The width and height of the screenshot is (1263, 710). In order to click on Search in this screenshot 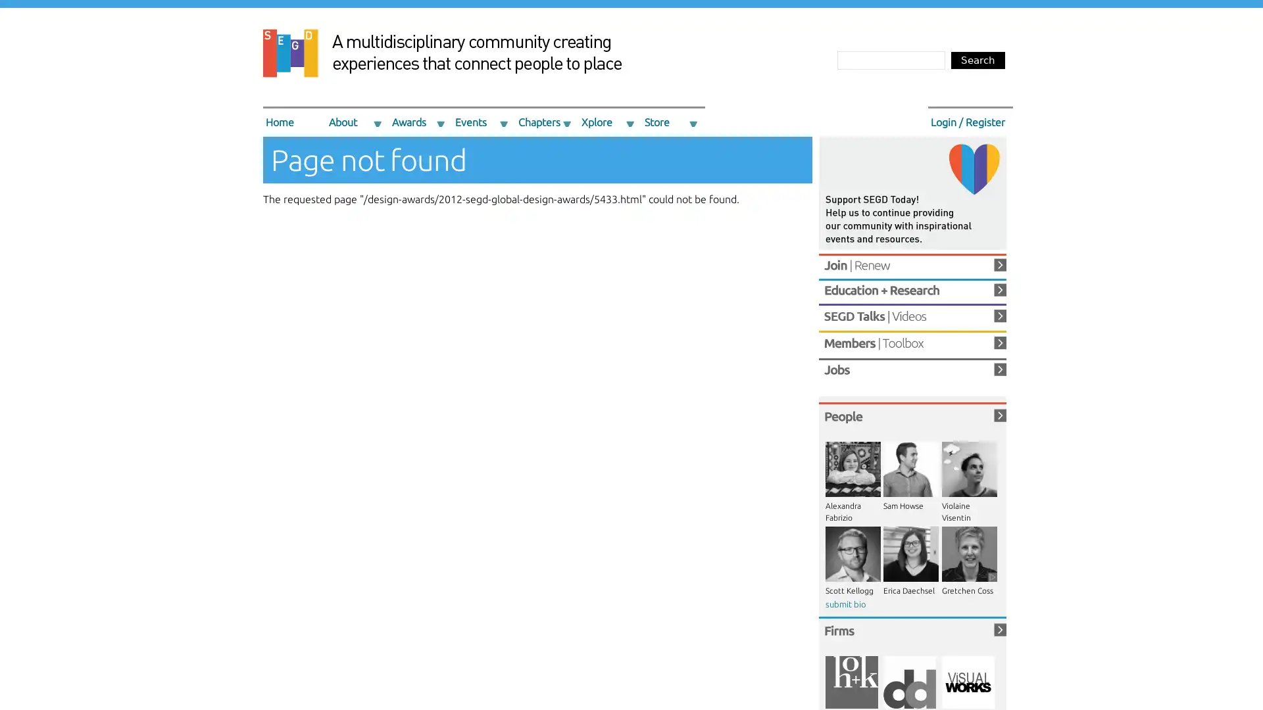, I will do `click(978, 60)`.